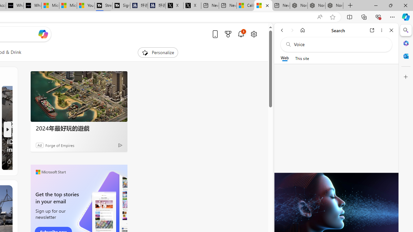 This screenshot has width=413, height=232. I want to click on 'Nordace Siena Pro 15 Backpack', so click(317, 5).